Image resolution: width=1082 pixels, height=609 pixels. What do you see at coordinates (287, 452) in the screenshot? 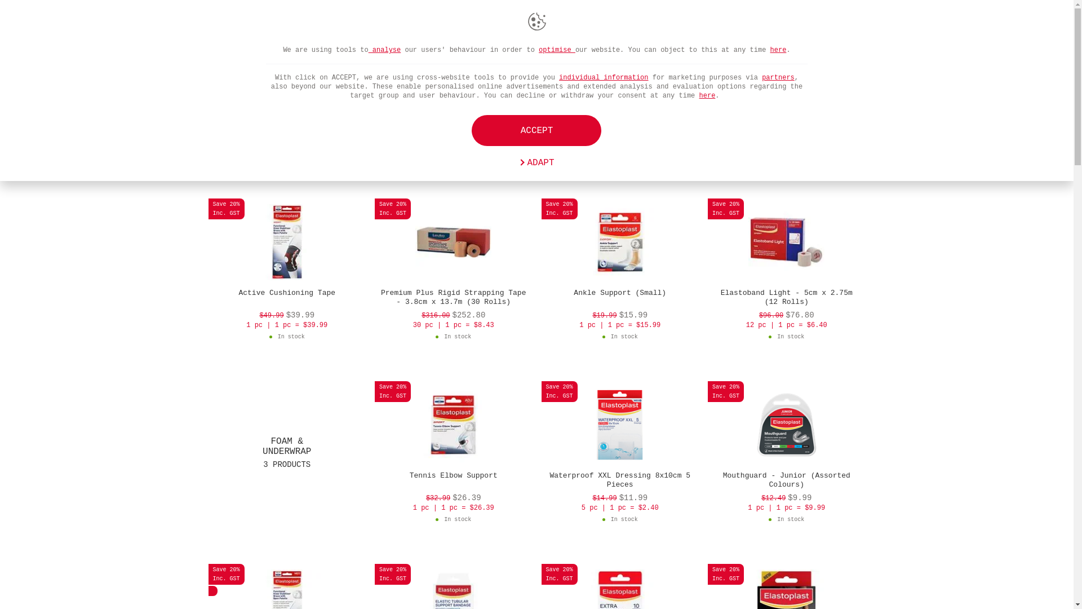
I see `'FOAM & UNDERWRAP` at bounding box center [287, 452].